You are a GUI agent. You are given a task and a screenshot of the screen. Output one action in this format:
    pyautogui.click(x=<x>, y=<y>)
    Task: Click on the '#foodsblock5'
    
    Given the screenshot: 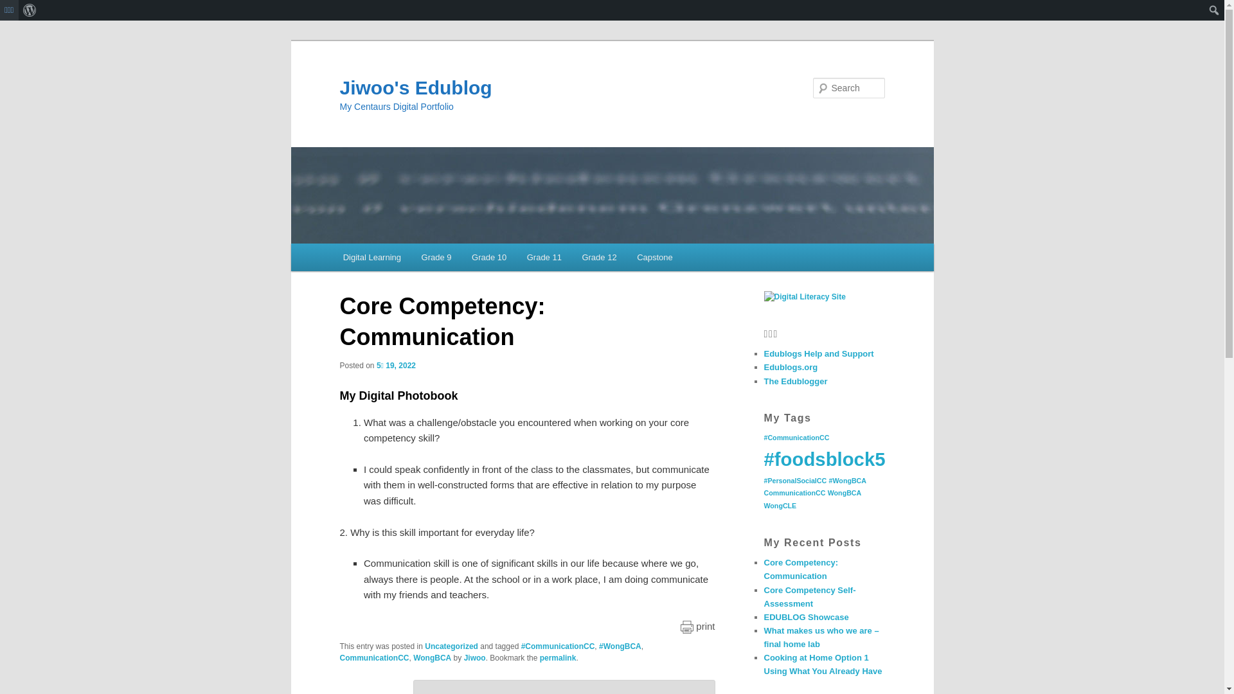 What is the action you would take?
    pyautogui.click(x=824, y=458)
    